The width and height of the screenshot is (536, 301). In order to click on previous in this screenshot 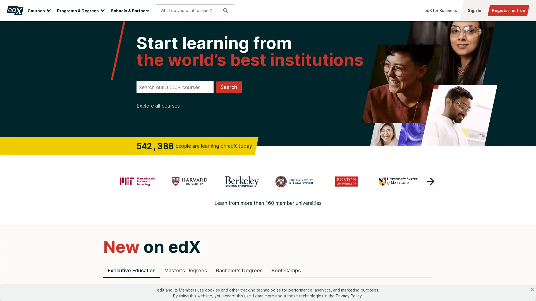, I will do `click(105, 181)`.